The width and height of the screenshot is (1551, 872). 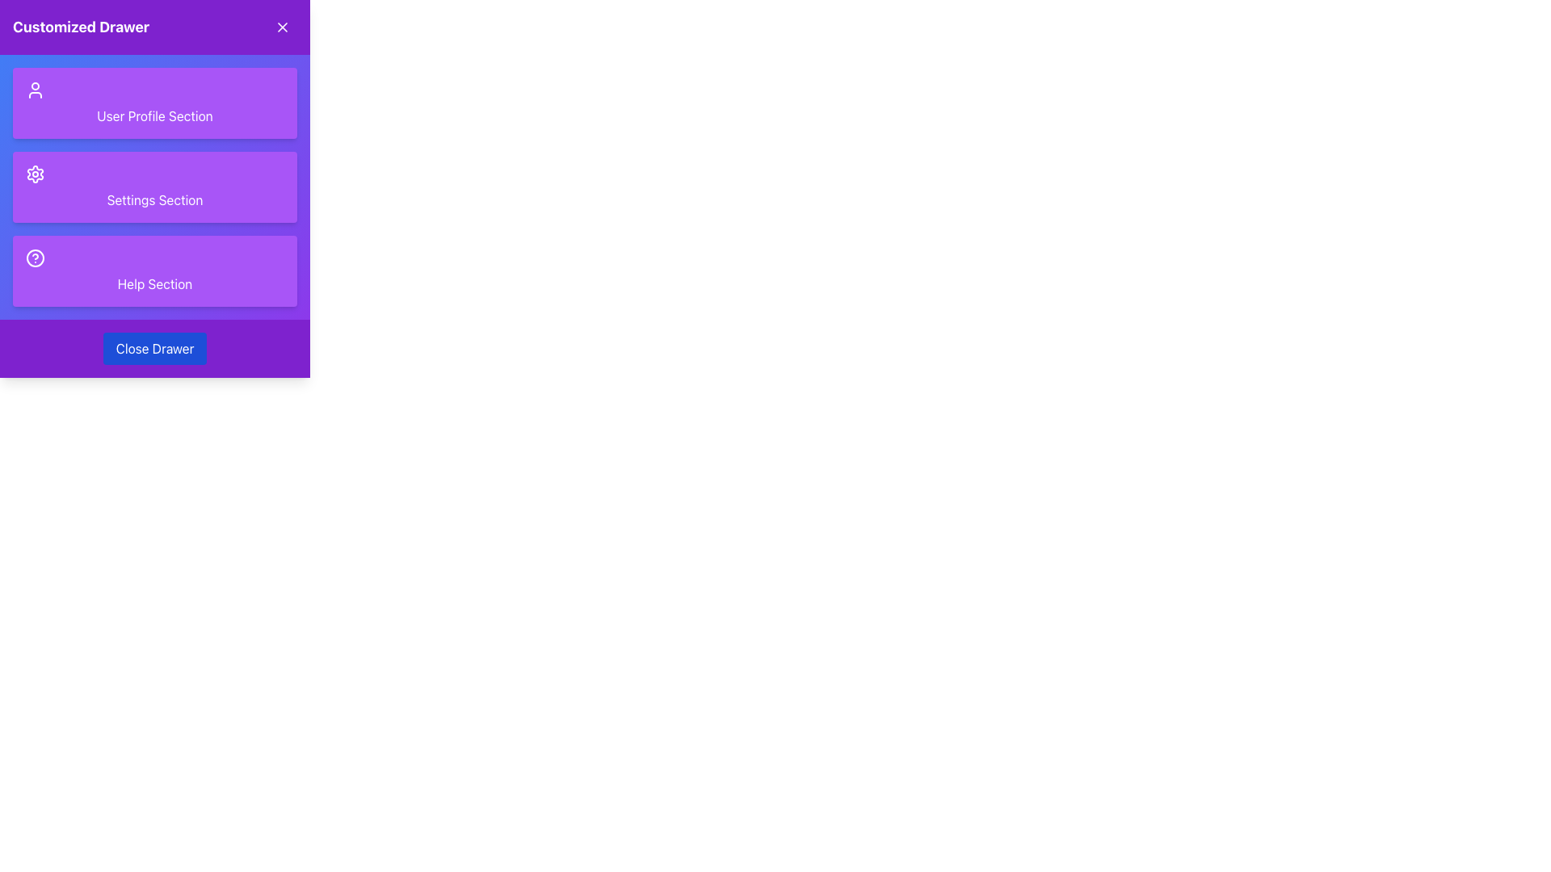 I want to click on the close button located in the top-right corner of the 'Customized Drawer' header to change its background color, so click(x=283, y=27).